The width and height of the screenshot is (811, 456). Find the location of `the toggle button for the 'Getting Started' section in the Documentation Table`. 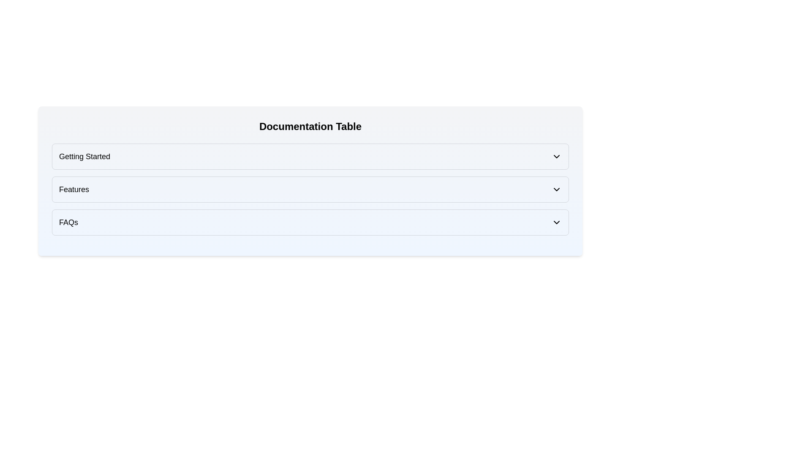

the toggle button for the 'Getting Started' section in the Documentation Table is located at coordinates (557, 156).